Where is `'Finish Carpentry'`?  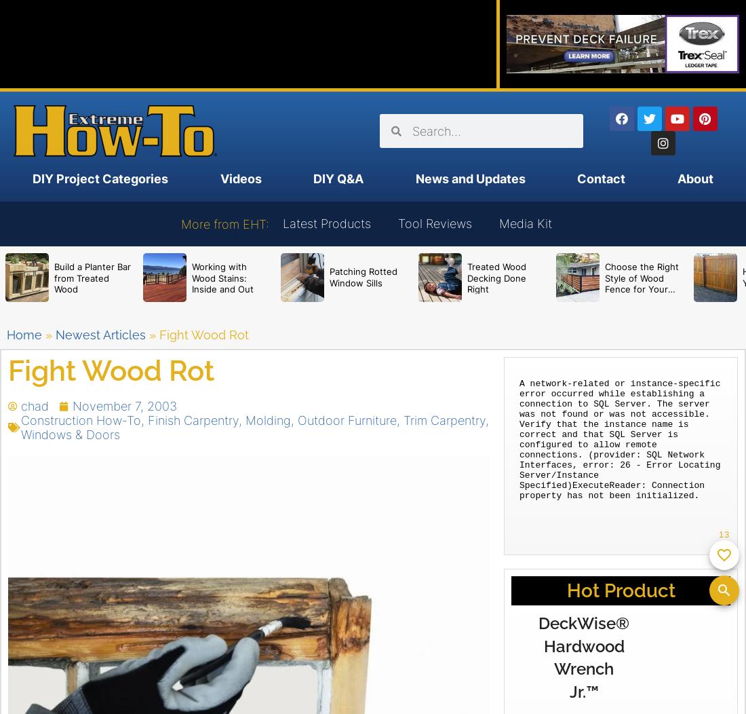 'Finish Carpentry' is located at coordinates (193, 420).